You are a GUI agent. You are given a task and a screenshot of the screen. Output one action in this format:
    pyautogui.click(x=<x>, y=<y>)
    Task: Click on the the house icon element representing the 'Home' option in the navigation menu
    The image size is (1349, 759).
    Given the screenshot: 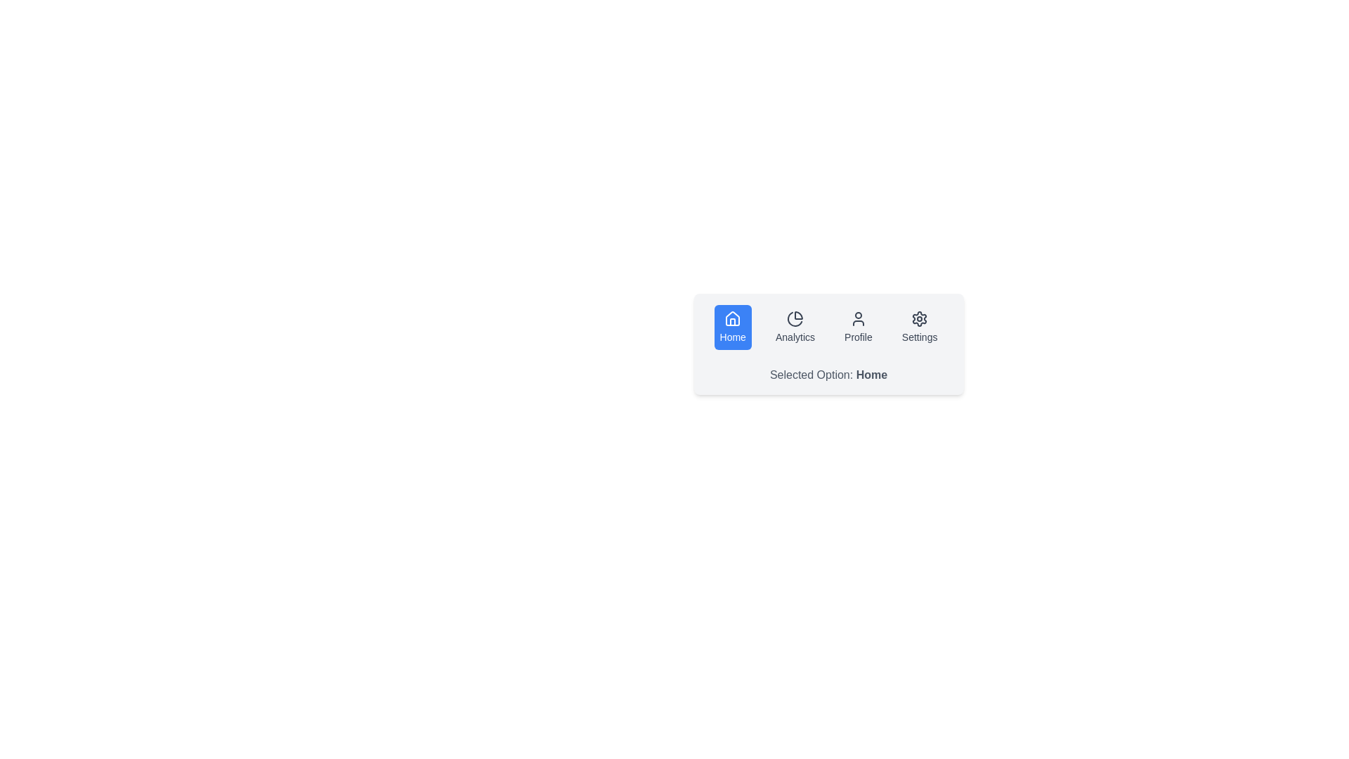 What is the action you would take?
    pyautogui.click(x=732, y=322)
    